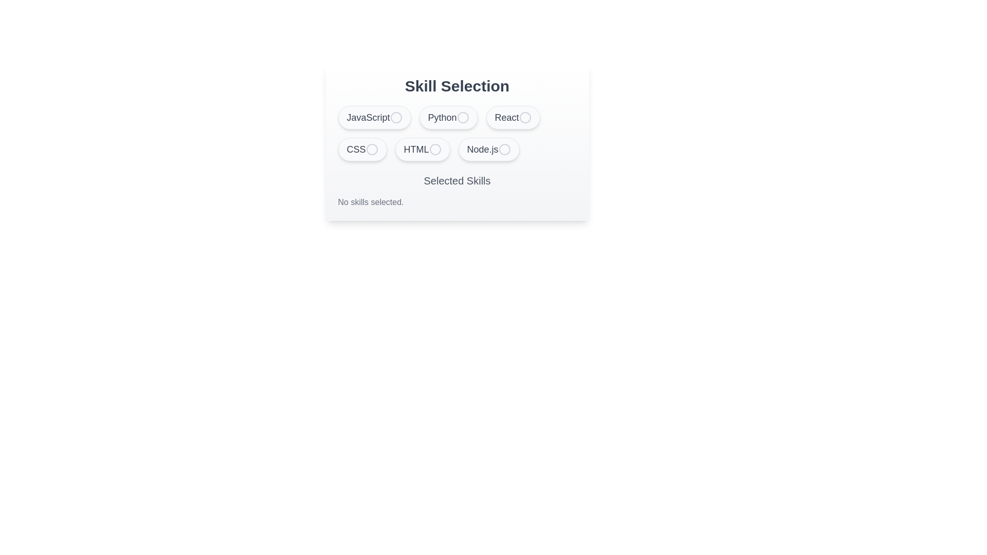 The width and height of the screenshot is (987, 555). I want to click on the Toggle button labeled 'JavaScript', so click(374, 117).